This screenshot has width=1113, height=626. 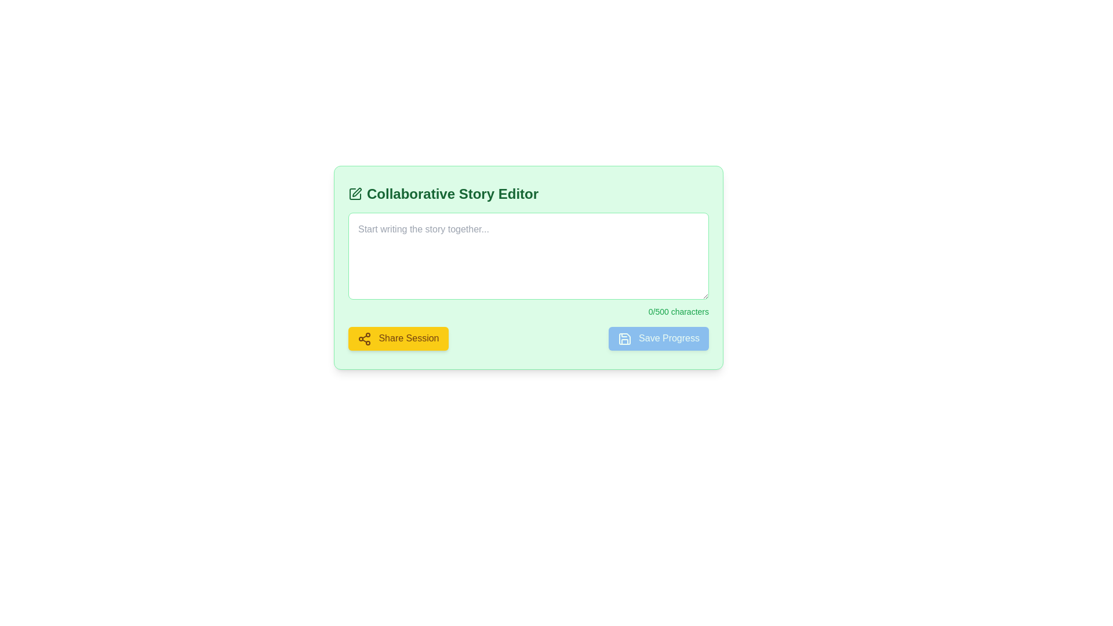 I want to click on the editing tool icon represented by a pen, located at the top-left corner of the interface within an icon group, so click(x=356, y=191).